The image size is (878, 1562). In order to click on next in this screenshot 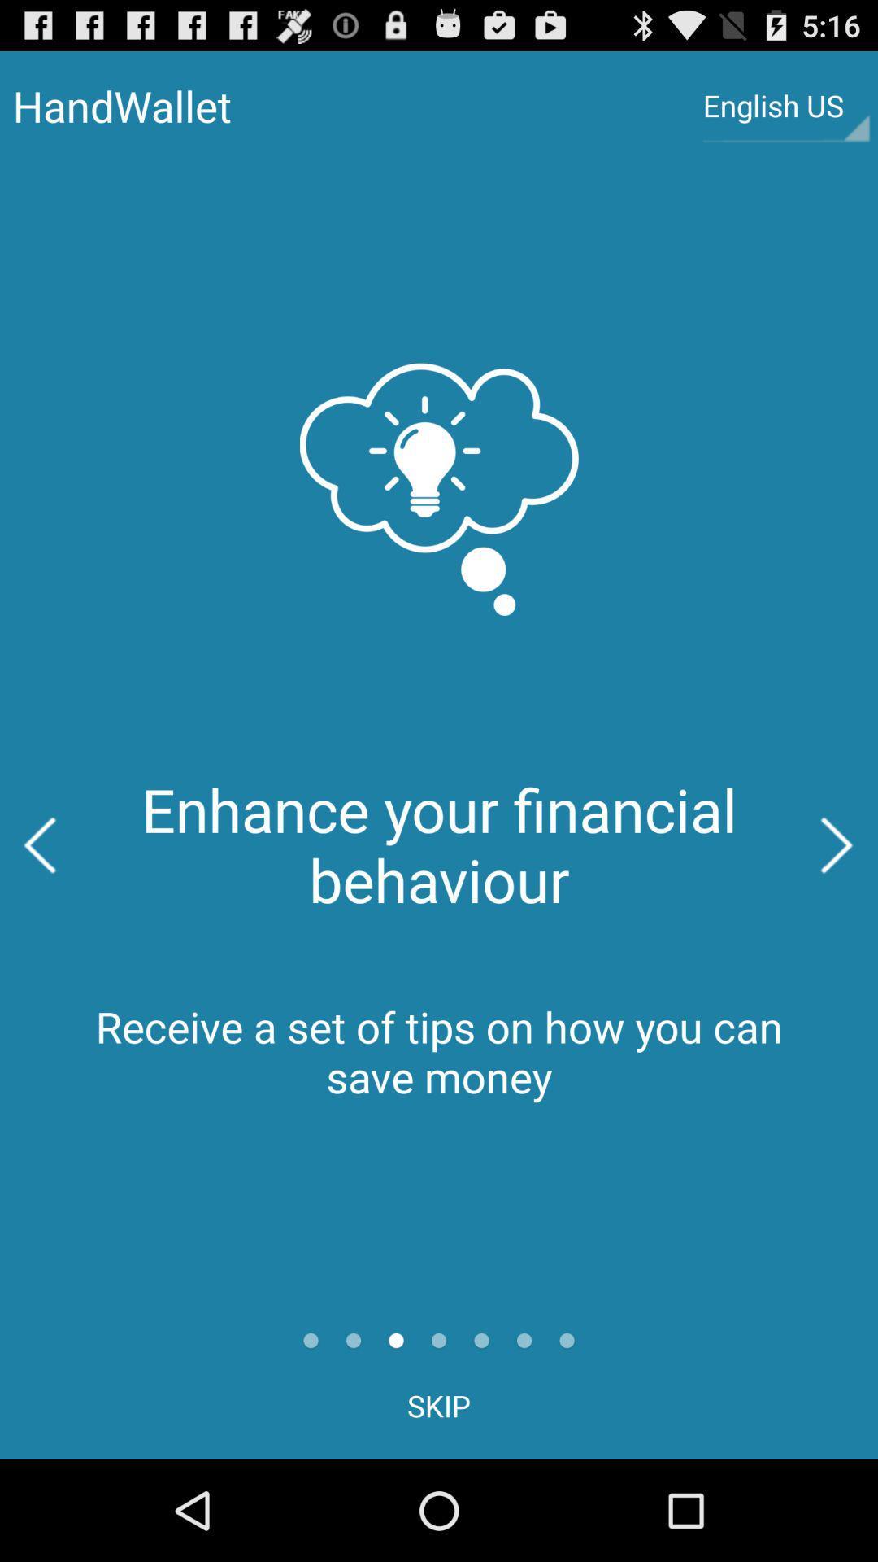, I will do `click(837, 845)`.